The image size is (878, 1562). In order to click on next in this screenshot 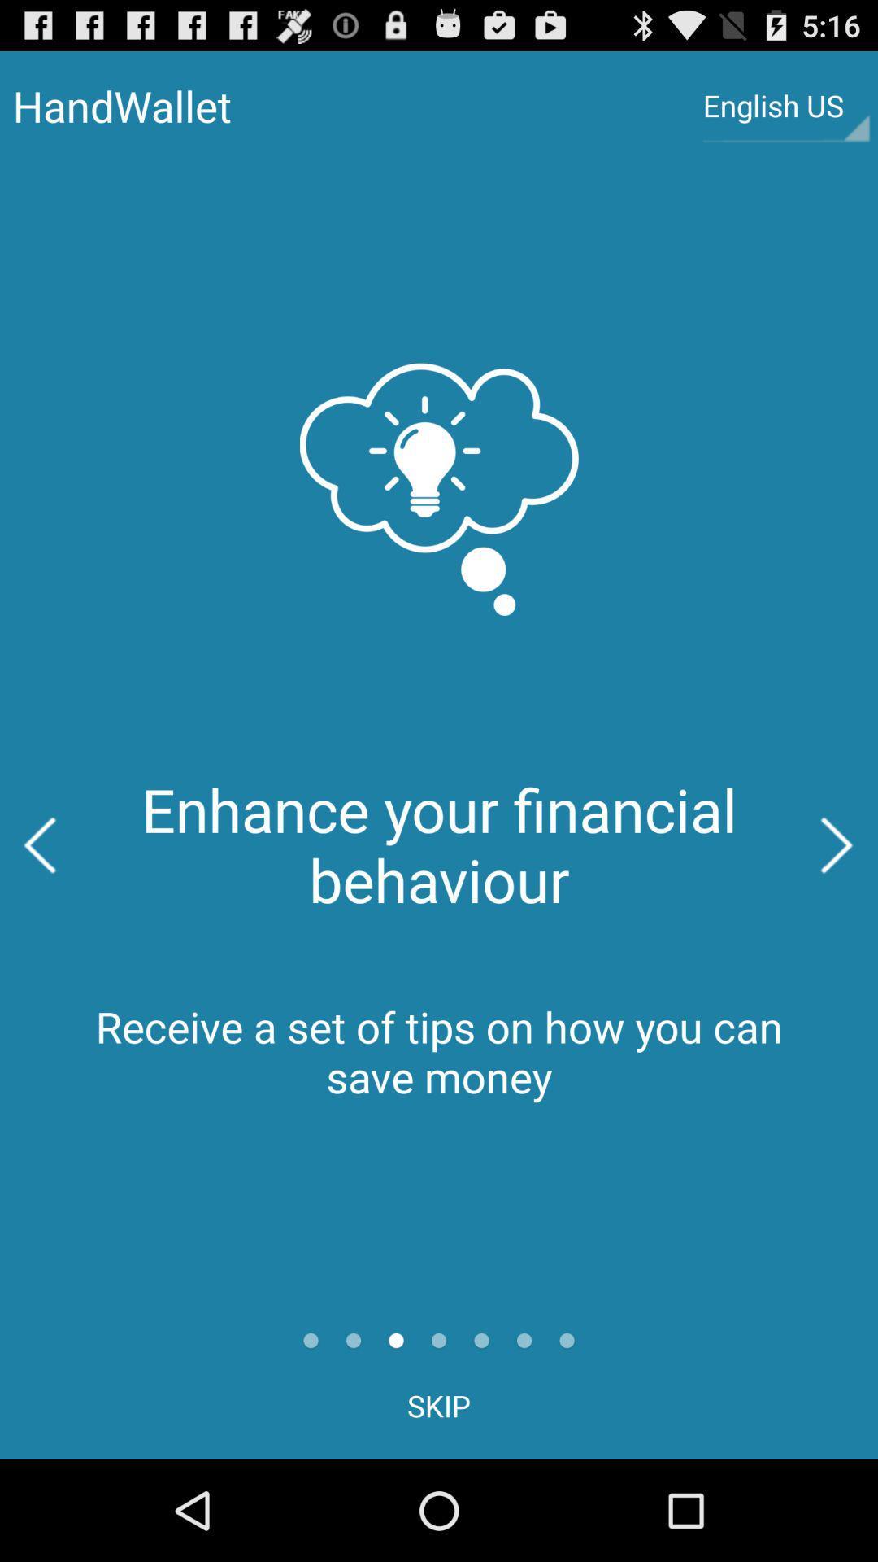, I will do `click(837, 845)`.